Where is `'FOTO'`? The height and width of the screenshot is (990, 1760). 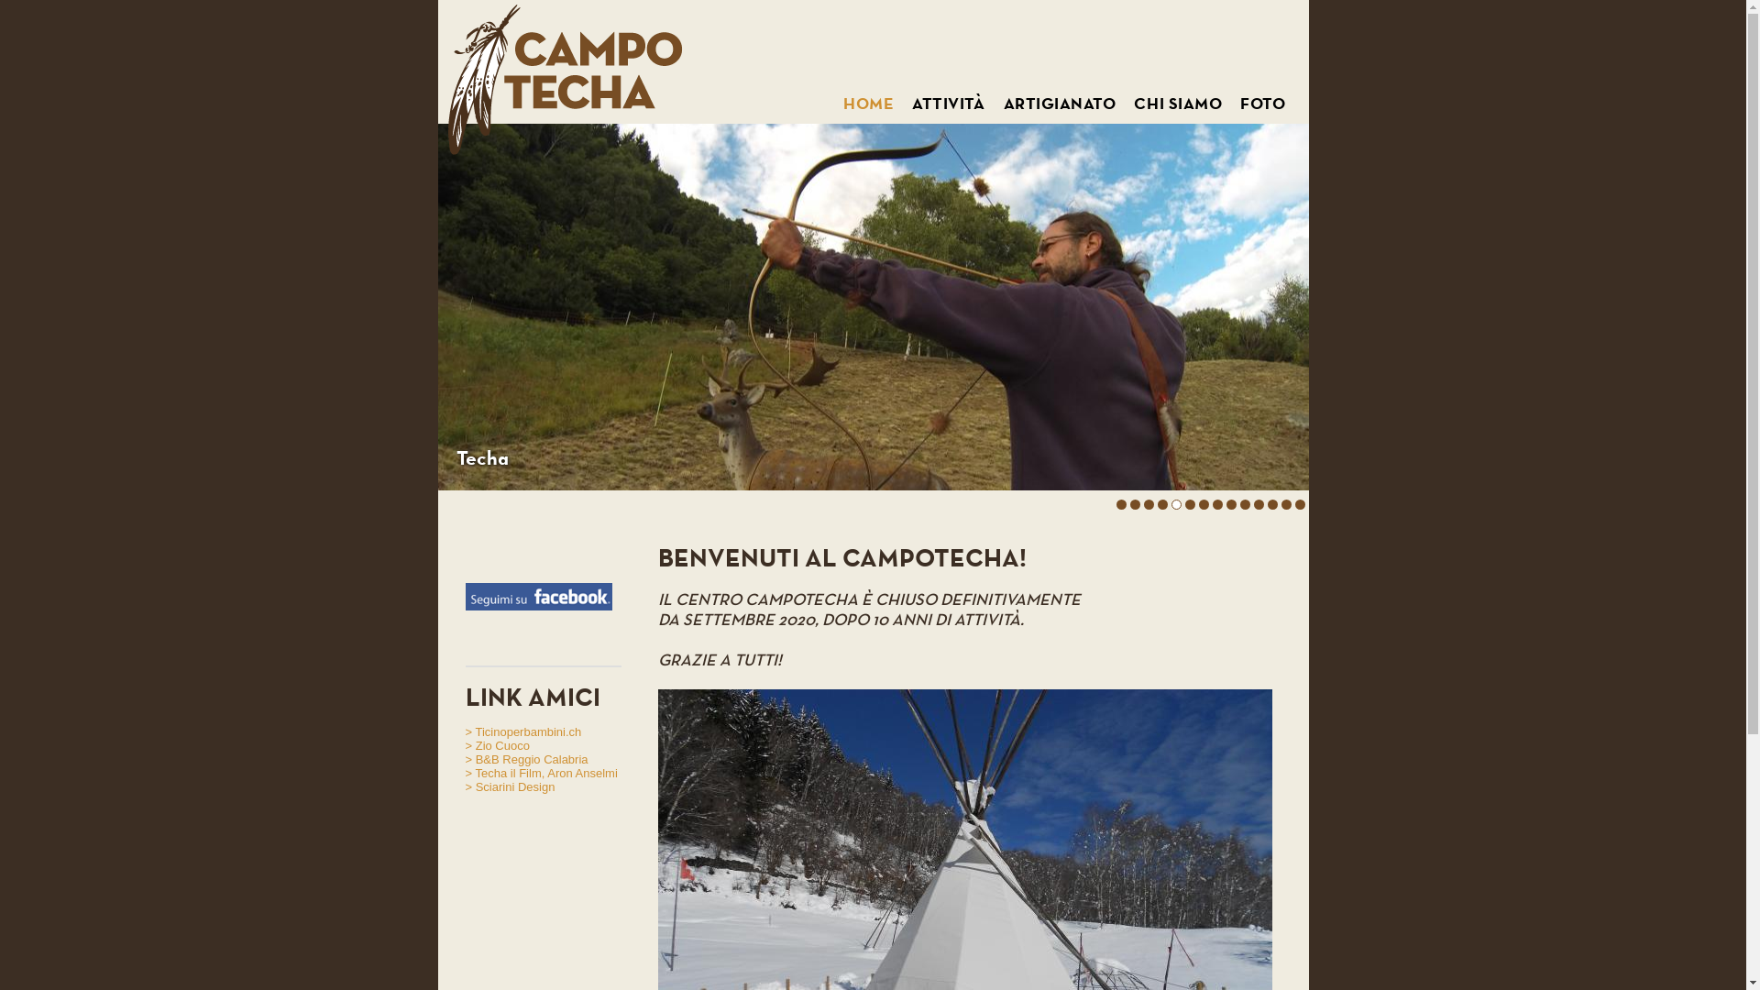 'FOTO' is located at coordinates (1240, 104).